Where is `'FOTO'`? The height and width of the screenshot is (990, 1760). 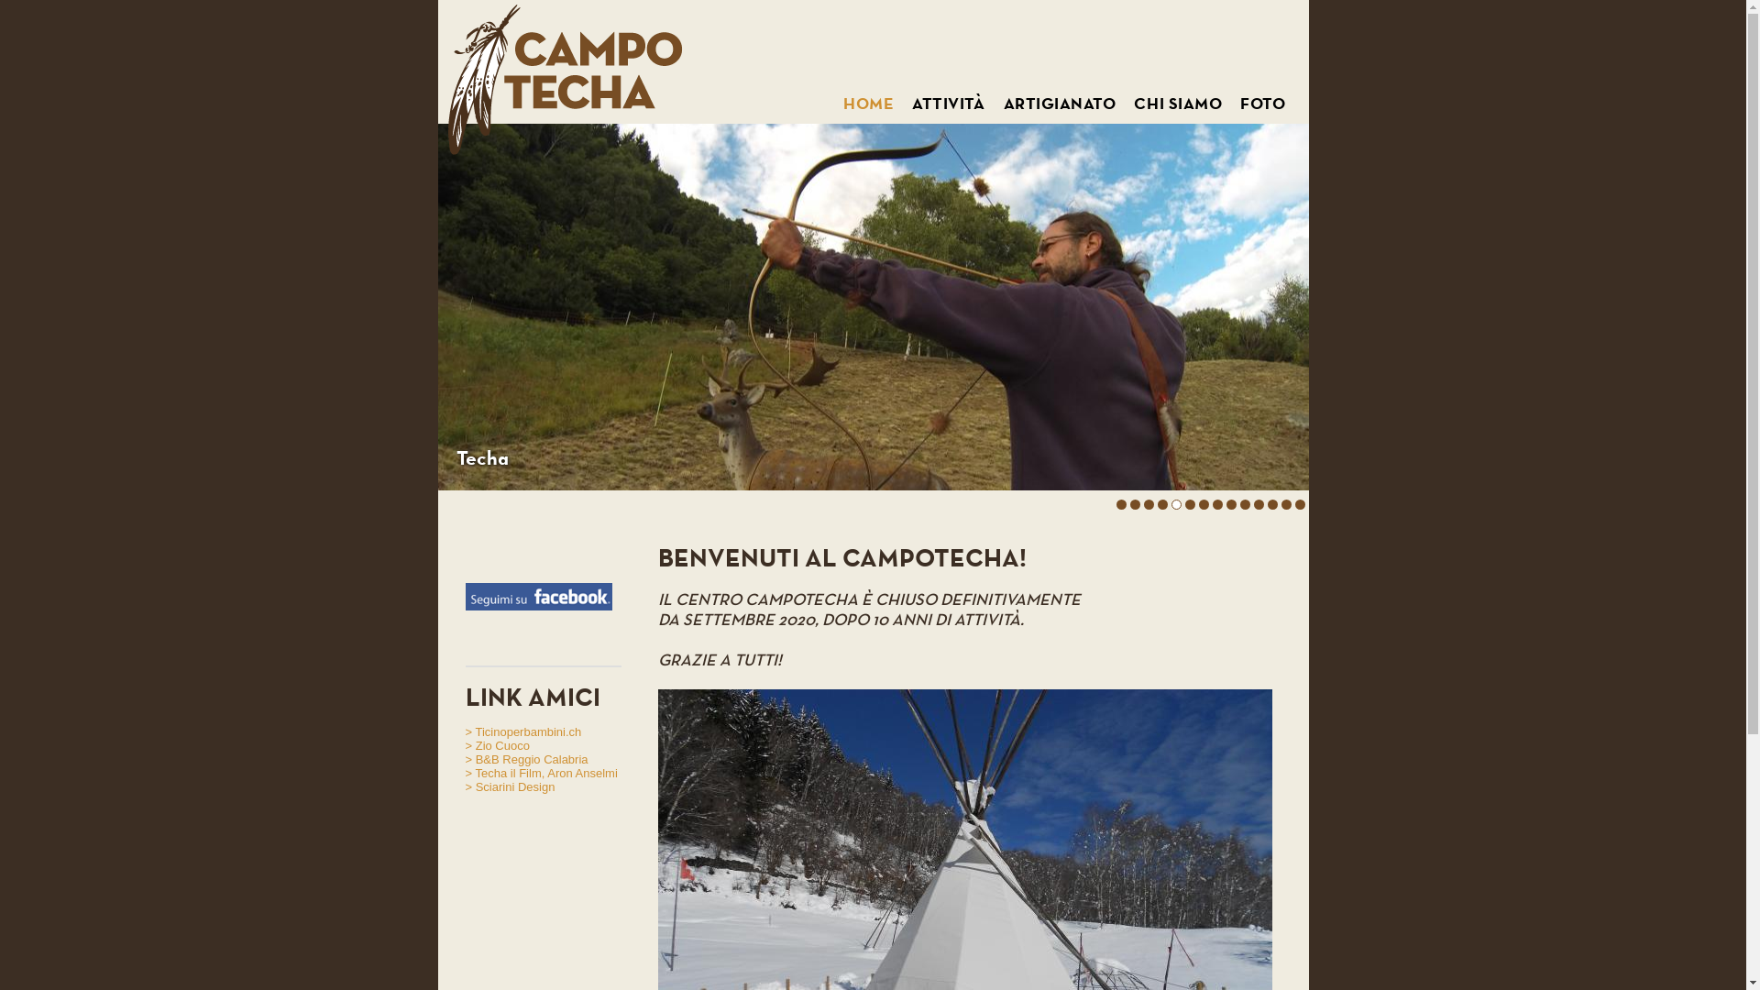 'FOTO' is located at coordinates (1240, 104).